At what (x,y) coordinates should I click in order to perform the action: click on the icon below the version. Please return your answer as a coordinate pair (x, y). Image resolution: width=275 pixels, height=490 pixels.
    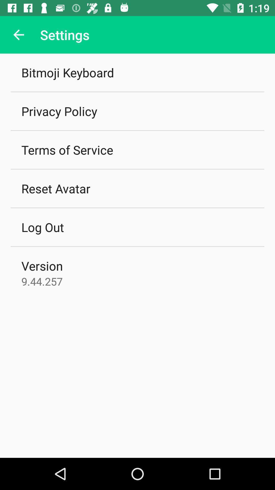
    Looking at the image, I should click on (42, 281).